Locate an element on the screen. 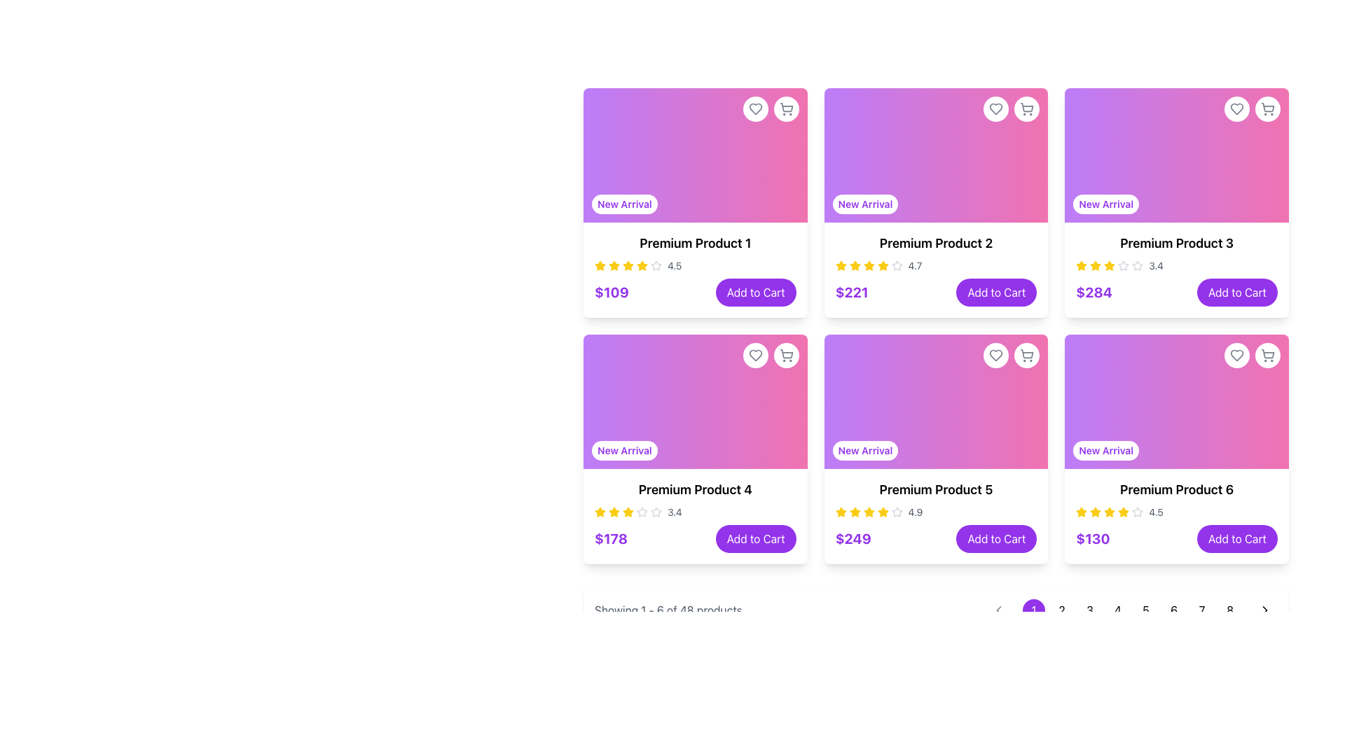  the fourth yellow star icon in the rating section of the 'Premium Product 2' card is located at coordinates (868, 266).